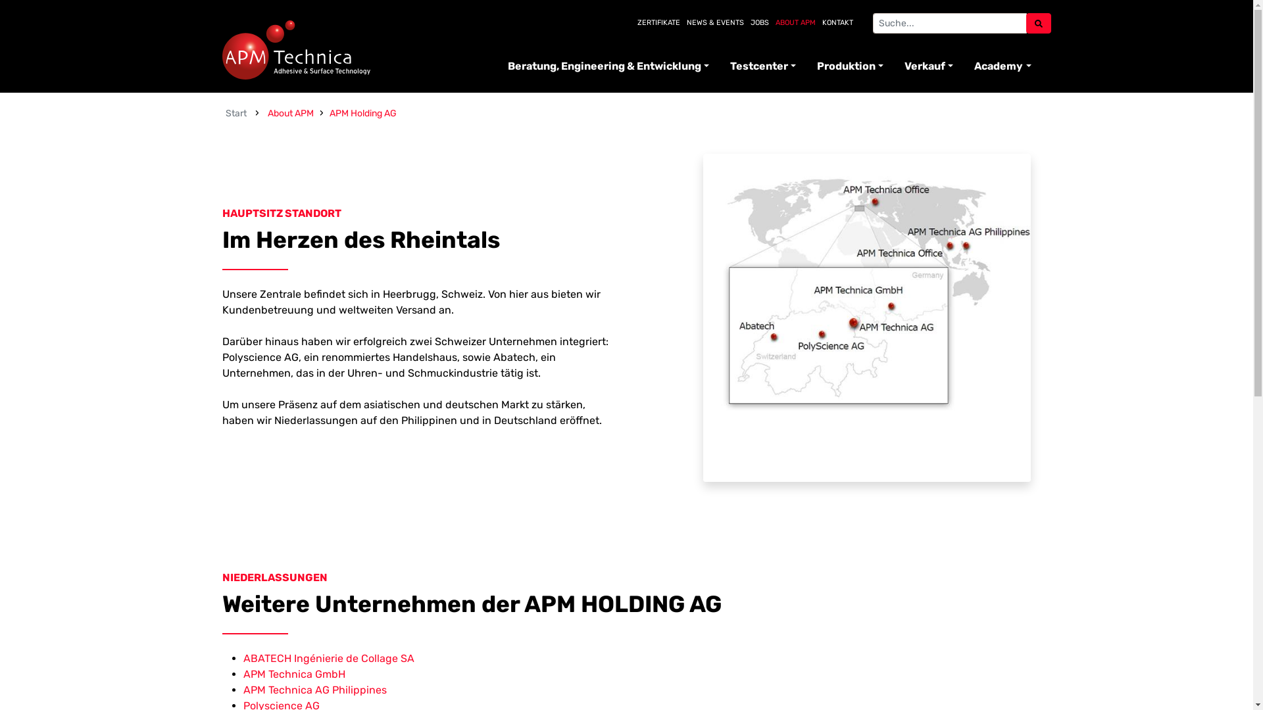 This screenshot has height=710, width=1263. What do you see at coordinates (293, 674) in the screenshot?
I see `'APM Technica GmbH'` at bounding box center [293, 674].